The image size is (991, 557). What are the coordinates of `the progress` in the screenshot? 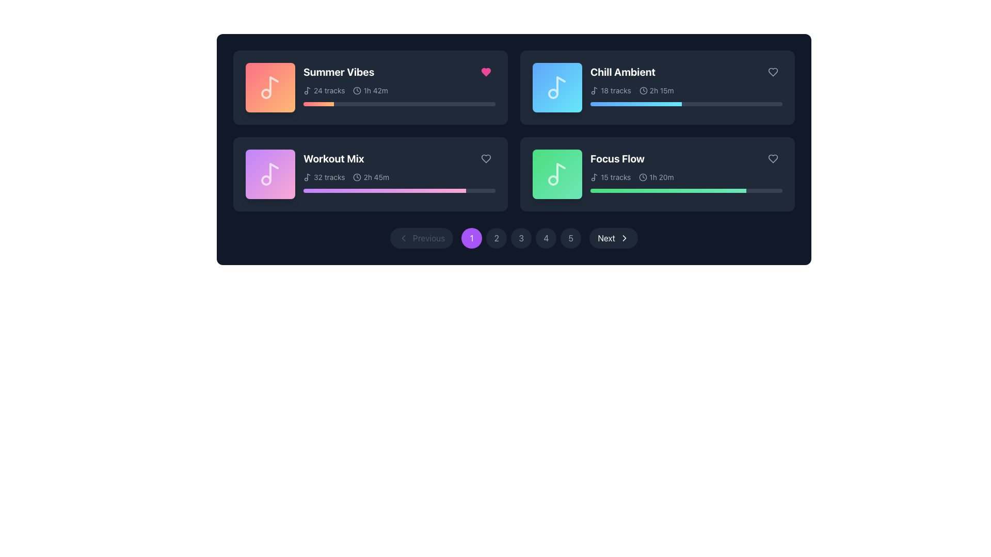 It's located at (303, 104).